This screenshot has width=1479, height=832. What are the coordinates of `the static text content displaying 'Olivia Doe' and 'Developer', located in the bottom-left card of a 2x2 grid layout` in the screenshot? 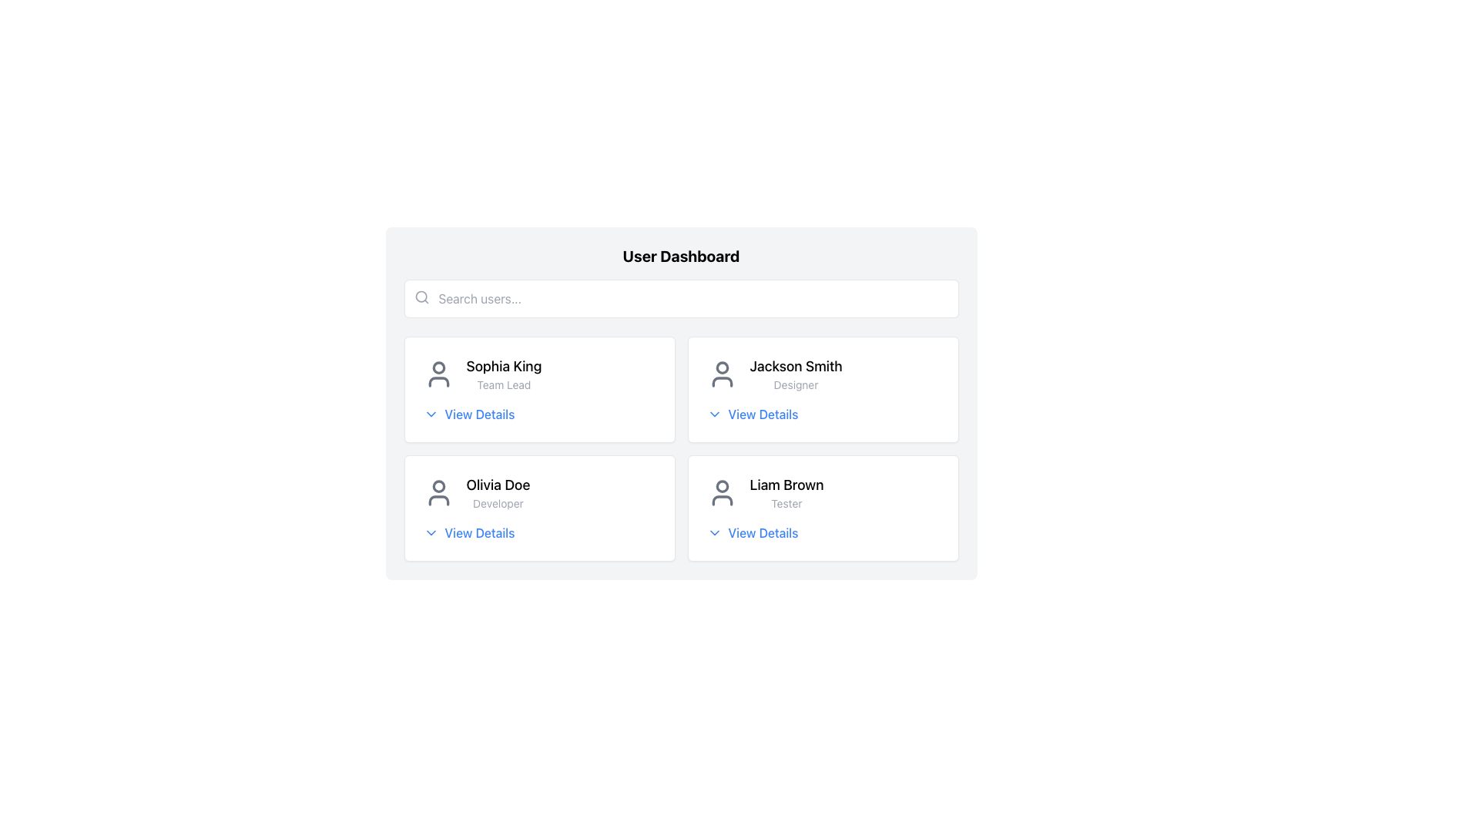 It's located at (498, 493).